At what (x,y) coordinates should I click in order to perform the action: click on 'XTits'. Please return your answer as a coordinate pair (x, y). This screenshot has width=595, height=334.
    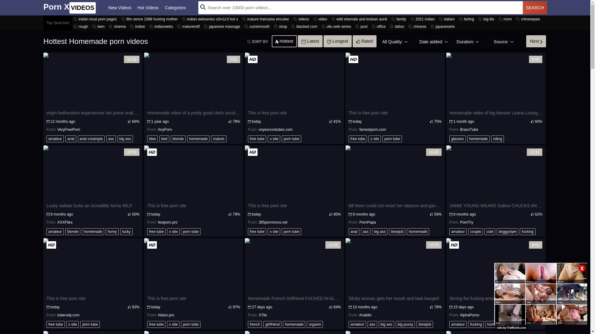
    Looking at the image, I should click on (259, 315).